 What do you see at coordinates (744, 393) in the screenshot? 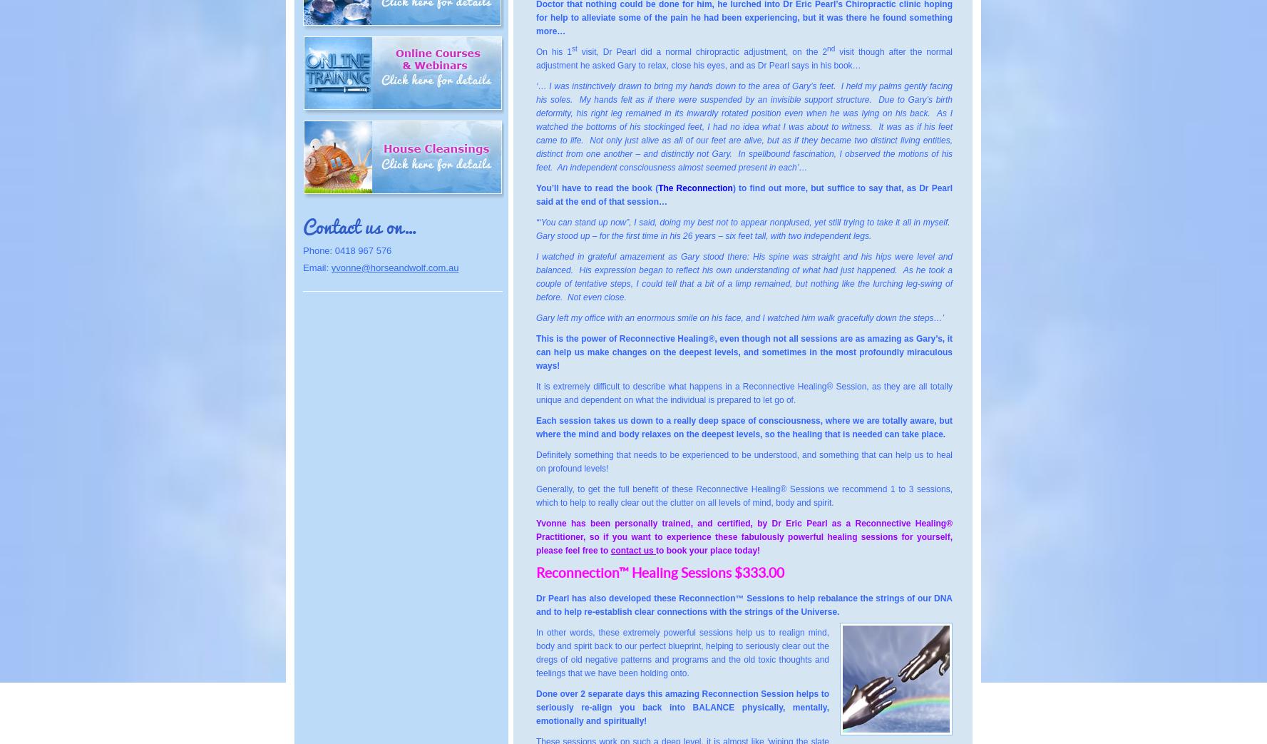
I see `'It is extremely difficult to describe what happens in a Reconnective Healing® Session, as they are all totally unique and dependent on what the individual is prepared to let go of.'` at bounding box center [744, 393].